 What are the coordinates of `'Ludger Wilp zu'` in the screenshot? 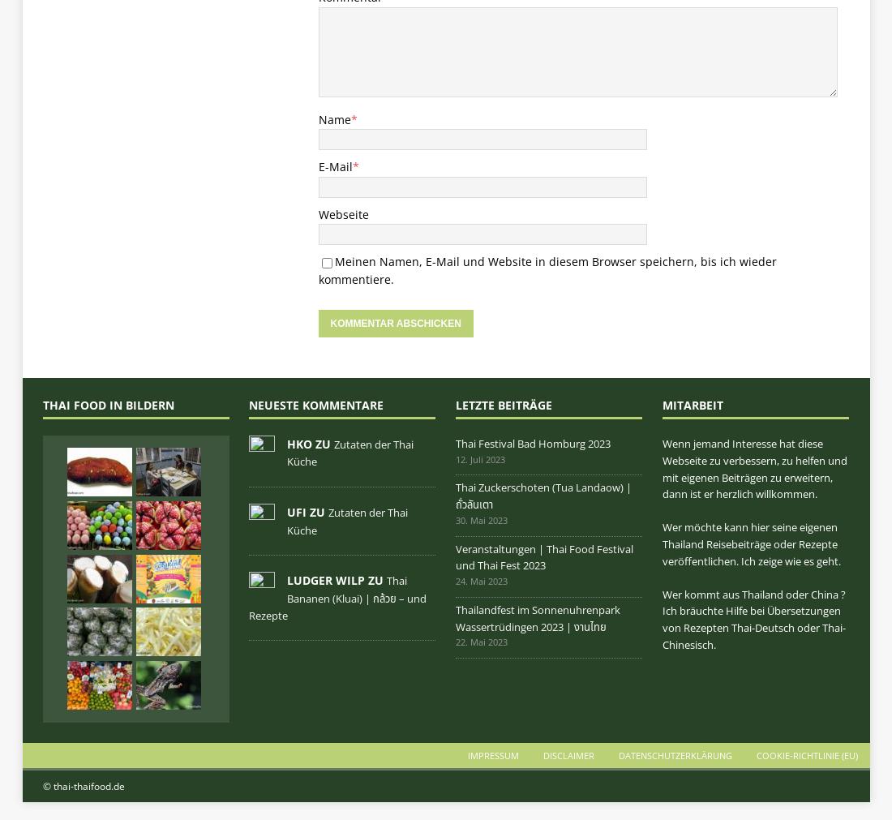 It's located at (336, 579).